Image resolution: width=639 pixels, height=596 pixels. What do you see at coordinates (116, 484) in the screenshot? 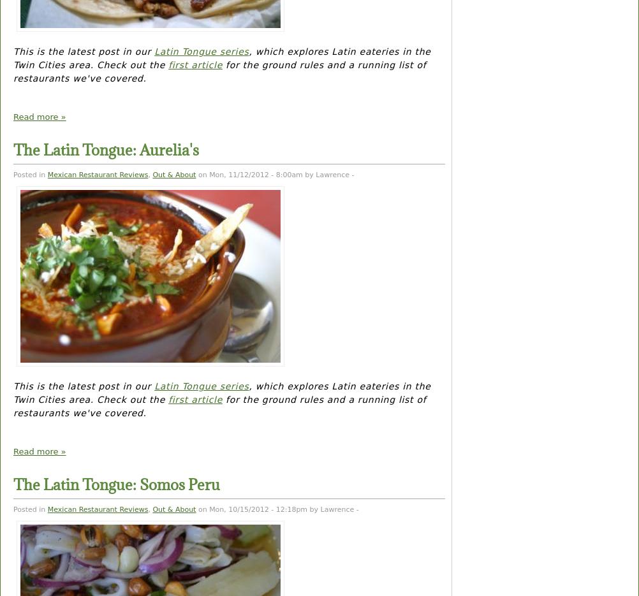
I see `'The Latin Tongue: Somos Peru'` at bounding box center [116, 484].